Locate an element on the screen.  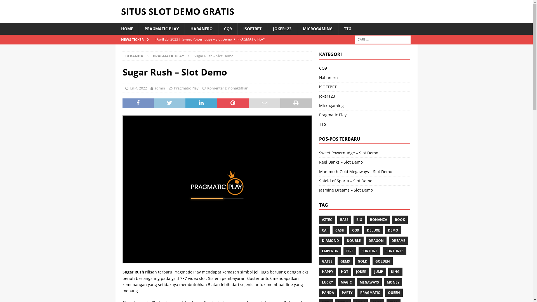
'EMPEROR' is located at coordinates (319, 251).